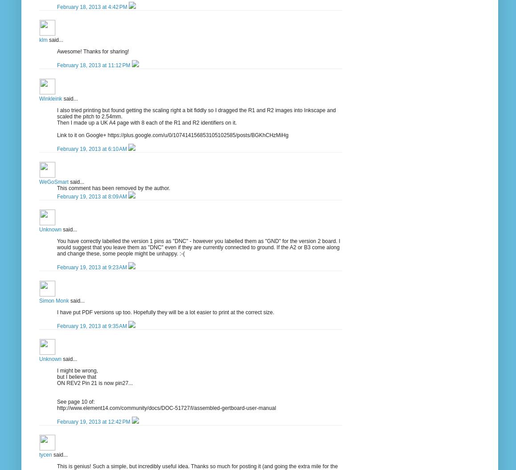 The width and height of the screenshot is (516, 470). What do you see at coordinates (53, 300) in the screenshot?
I see `'Simon Monk'` at bounding box center [53, 300].